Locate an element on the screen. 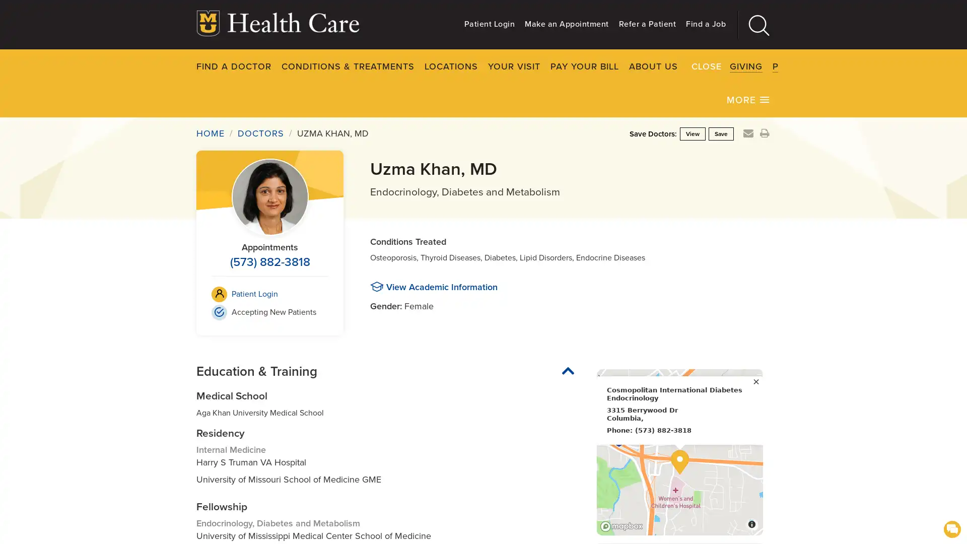 This screenshot has width=967, height=544. COVID-19 Chat and Assessment Tool is located at coordinates (951, 528).